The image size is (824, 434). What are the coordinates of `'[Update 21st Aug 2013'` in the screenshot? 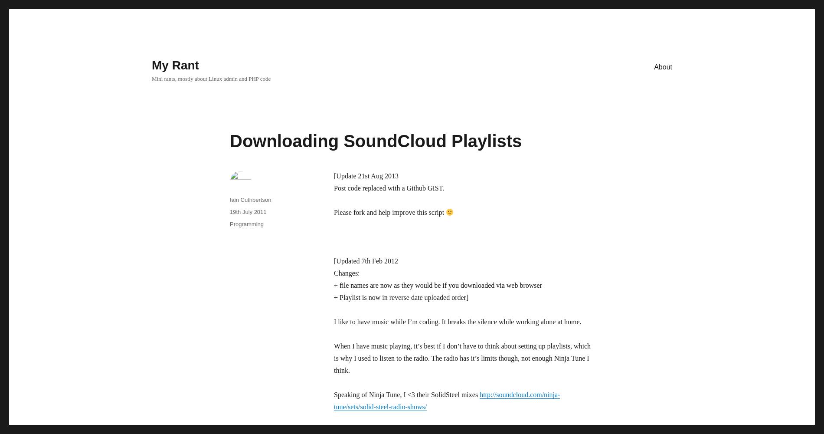 It's located at (365, 176).